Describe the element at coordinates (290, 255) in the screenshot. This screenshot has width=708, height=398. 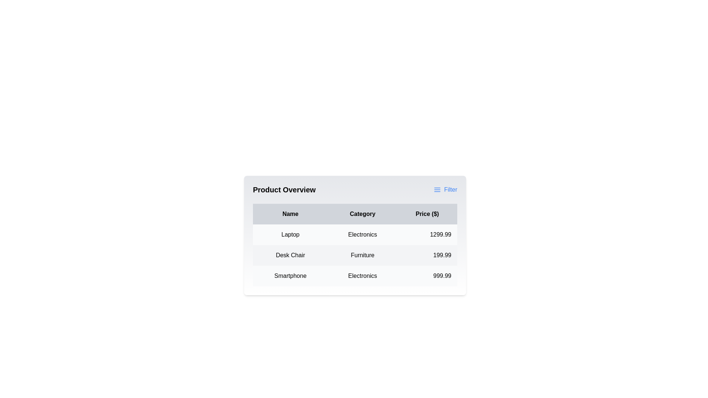
I see `the product name text label 'Desk Chair' located in the second row of the table under the 'Name' column` at that location.